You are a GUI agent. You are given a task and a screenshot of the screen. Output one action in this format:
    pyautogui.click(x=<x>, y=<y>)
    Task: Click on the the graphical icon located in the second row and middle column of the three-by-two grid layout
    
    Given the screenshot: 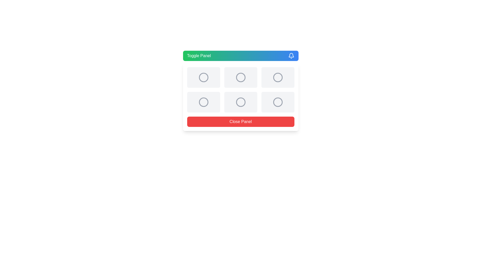 What is the action you would take?
    pyautogui.click(x=240, y=77)
    